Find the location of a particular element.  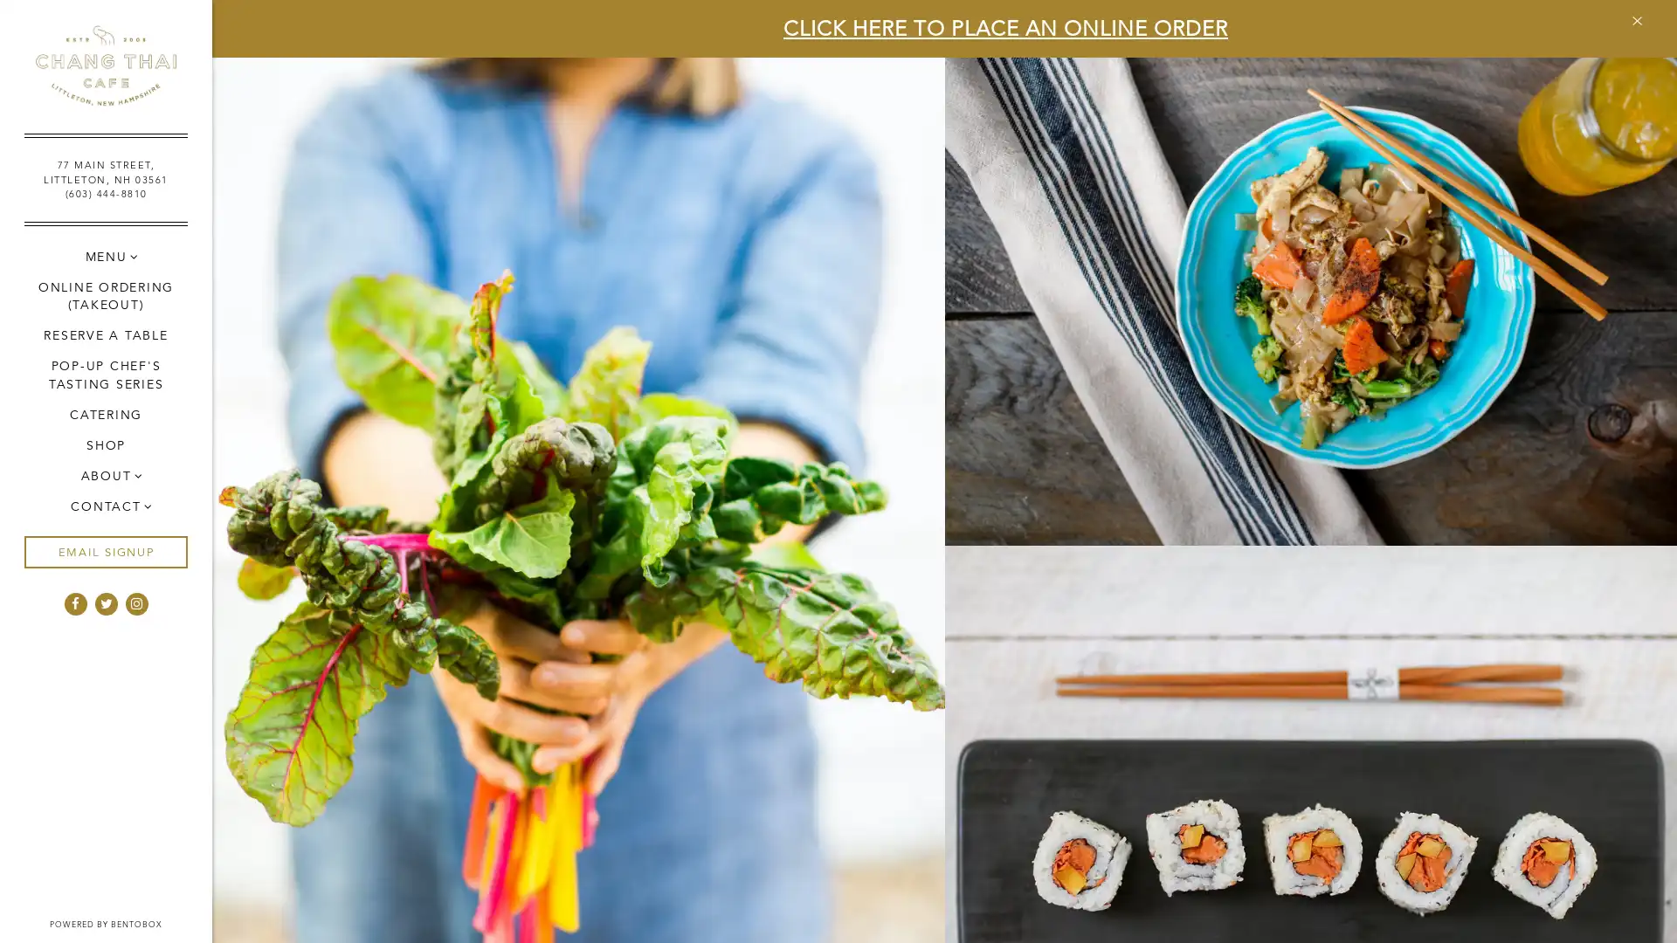

EMAIL SIGNUP is located at coordinates (104, 552).